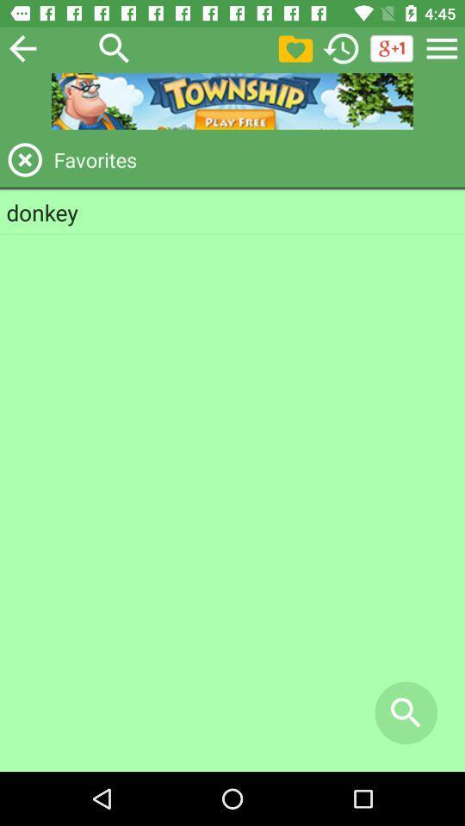 The width and height of the screenshot is (465, 826). Describe the element at coordinates (115, 47) in the screenshot. I see `the search icon` at that location.